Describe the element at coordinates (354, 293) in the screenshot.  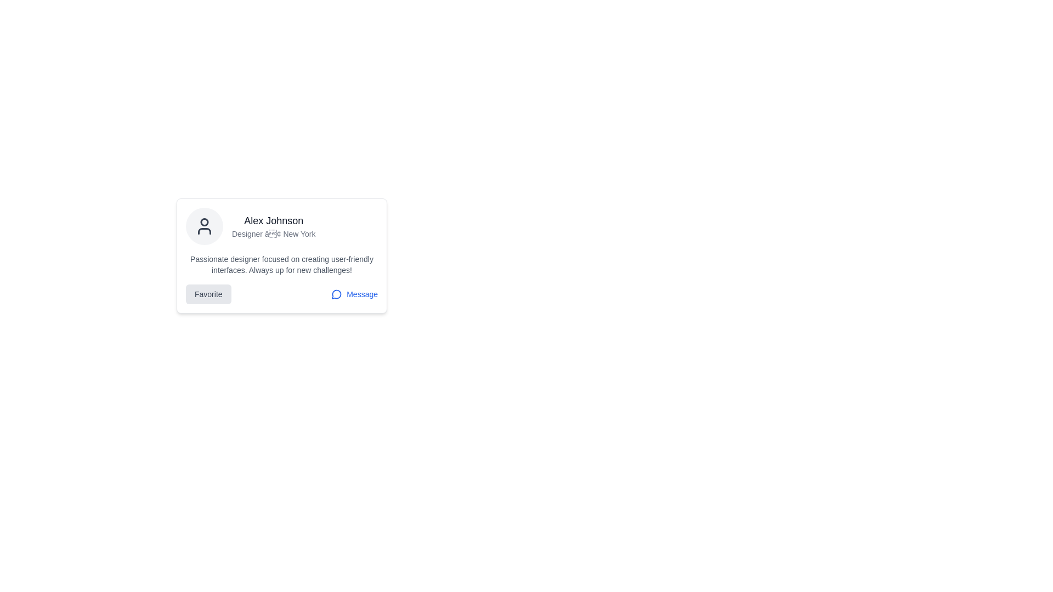
I see `the 'Message' interactive link button, which is styled with blue text and a speech bubble icon` at that location.